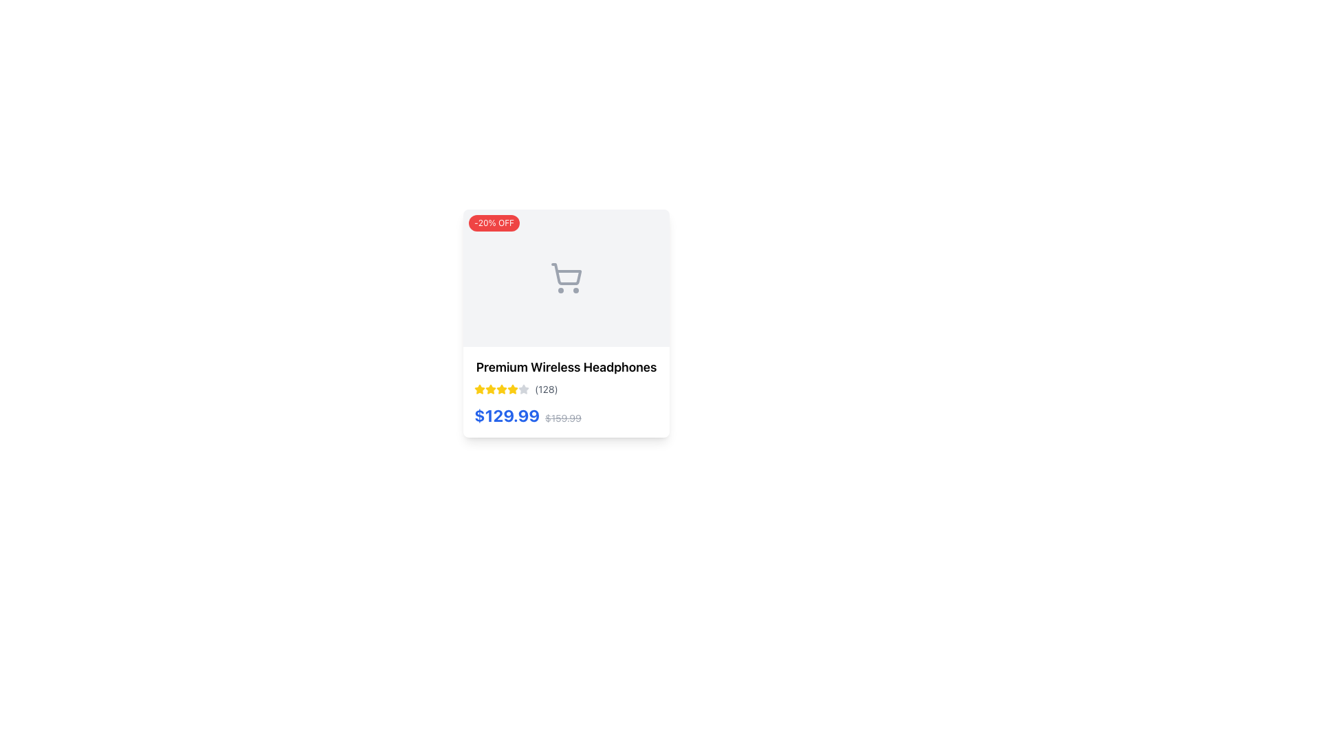 This screenshot has width=1320, height=742. Describe the element at coordinates (566, 367) in the screenshot. I see `text label displaying 'Premium Wireless Headphones' located at the top-middle of the card component` at that location.